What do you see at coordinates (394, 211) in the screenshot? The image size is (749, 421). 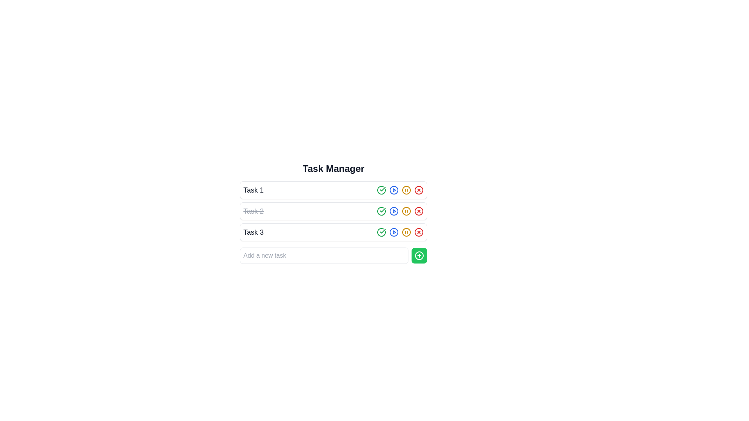 I see `the circular graphical decoration with a blue stroke color located on the right side of the row for 'Task 1'` at bounding box center [394, 211].